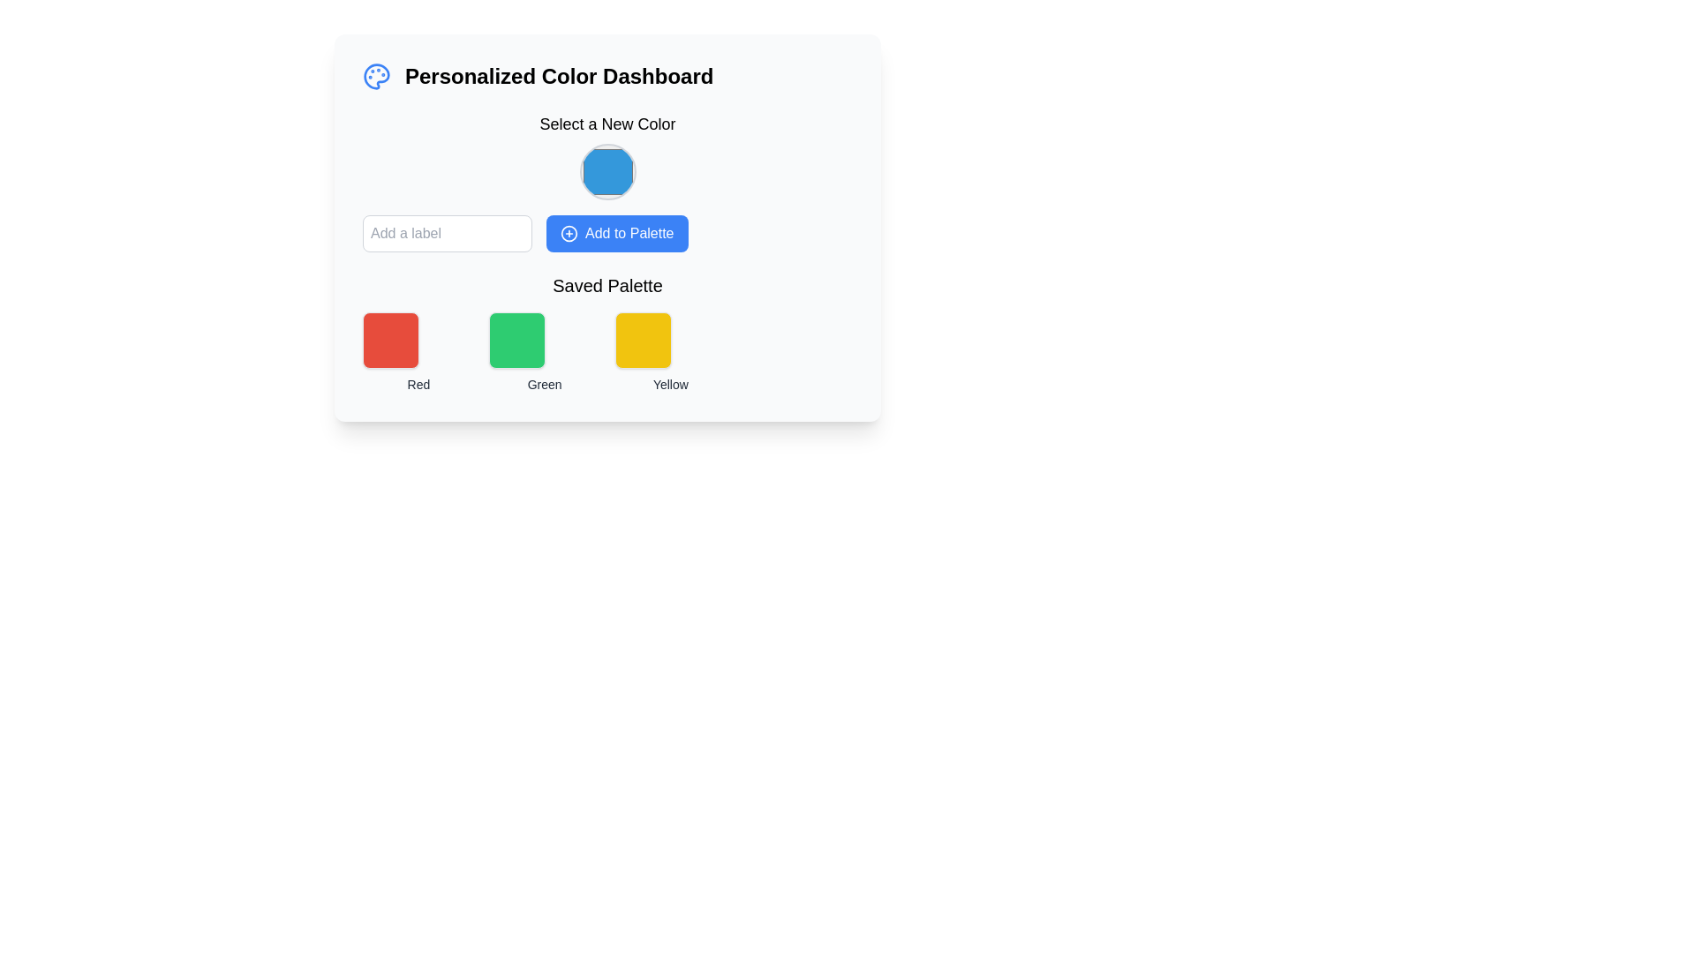 The height and width of the screenshot is (953, 1695). Describe the element at coordinates (544, 353) in the screenshot. I see `the green rectangular interactive box labeled 'Green'` at that location.